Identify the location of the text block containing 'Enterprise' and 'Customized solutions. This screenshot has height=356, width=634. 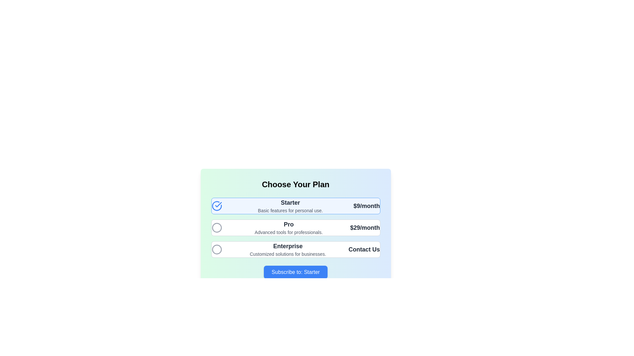
(288, 249).